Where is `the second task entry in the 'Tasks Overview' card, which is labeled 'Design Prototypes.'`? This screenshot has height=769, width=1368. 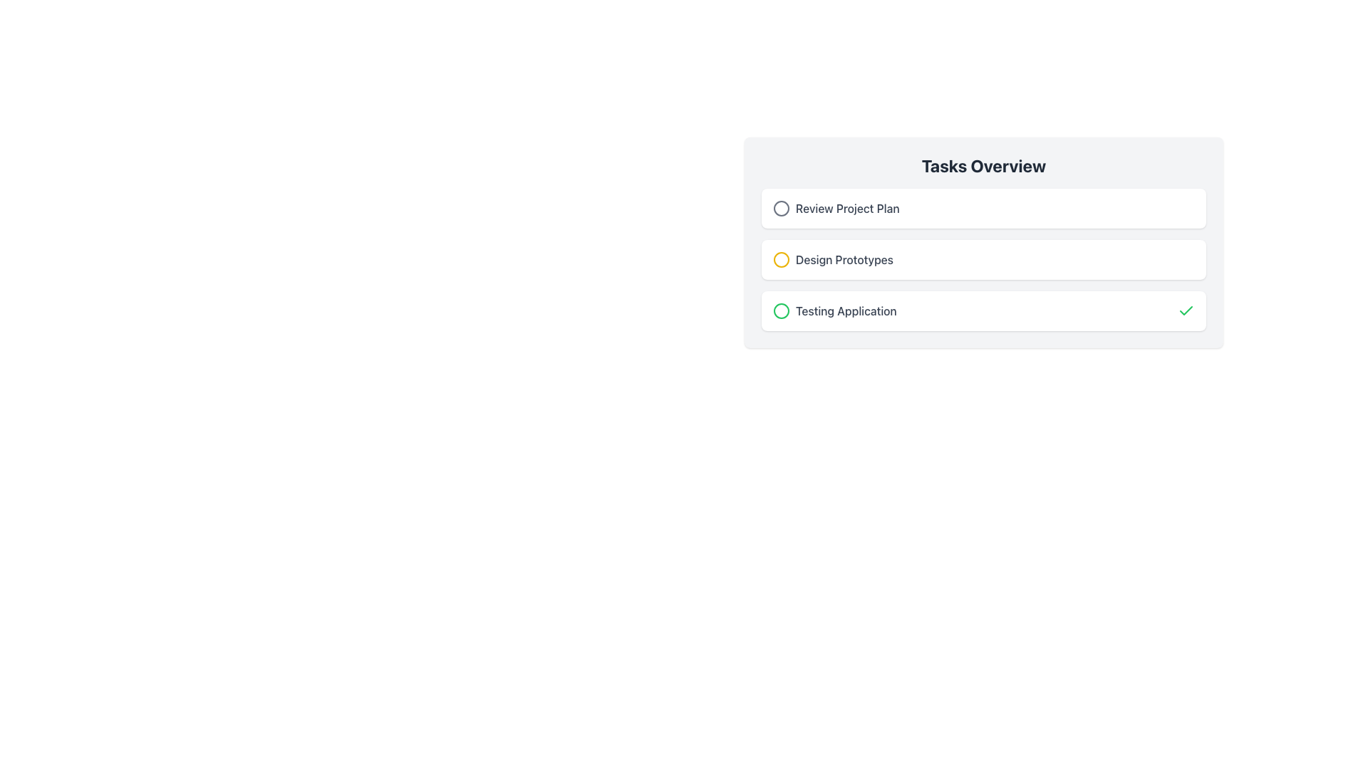
the second task entry in the 'Tasks Overview' card, which is labeled 'Design Prototypes.' is located at coordinates (983, 260).